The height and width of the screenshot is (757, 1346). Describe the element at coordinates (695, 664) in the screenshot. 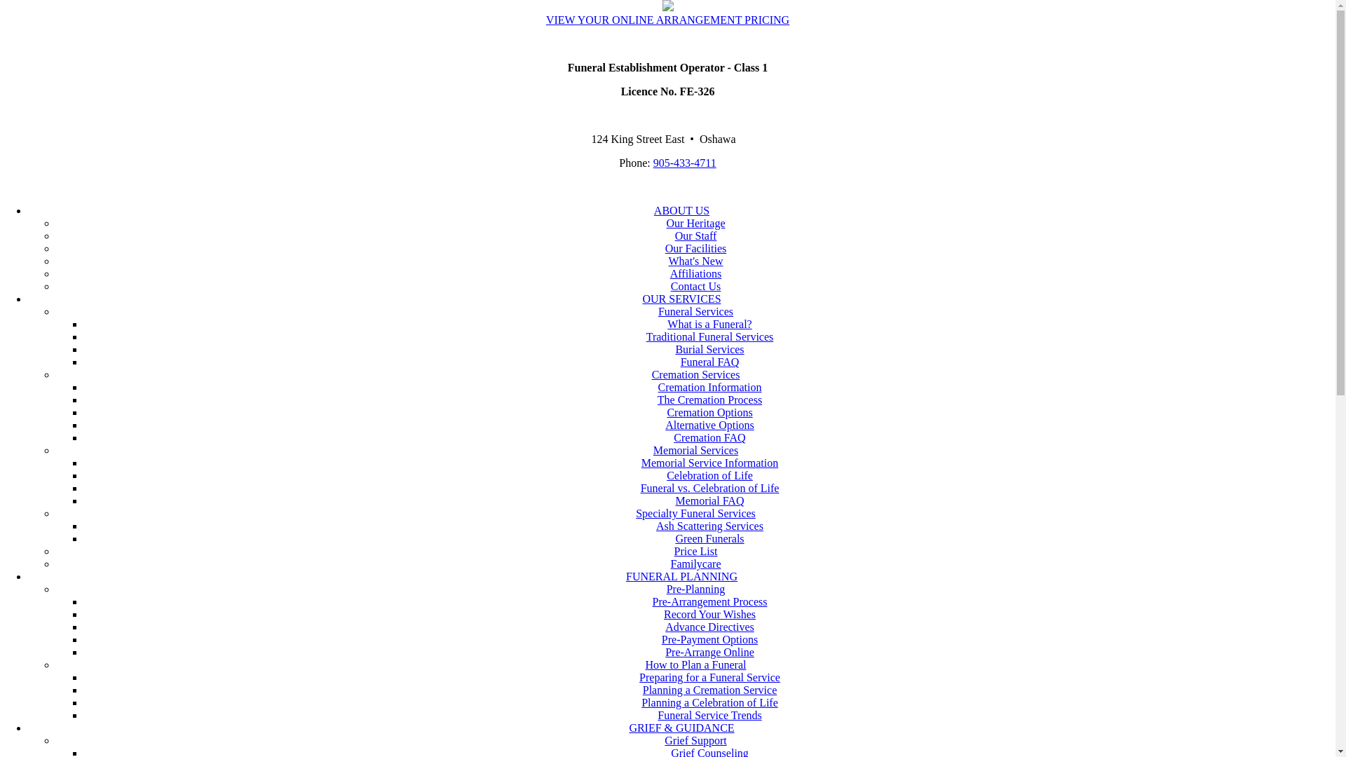

I see `'How to Plan a Funeral'` at that location.